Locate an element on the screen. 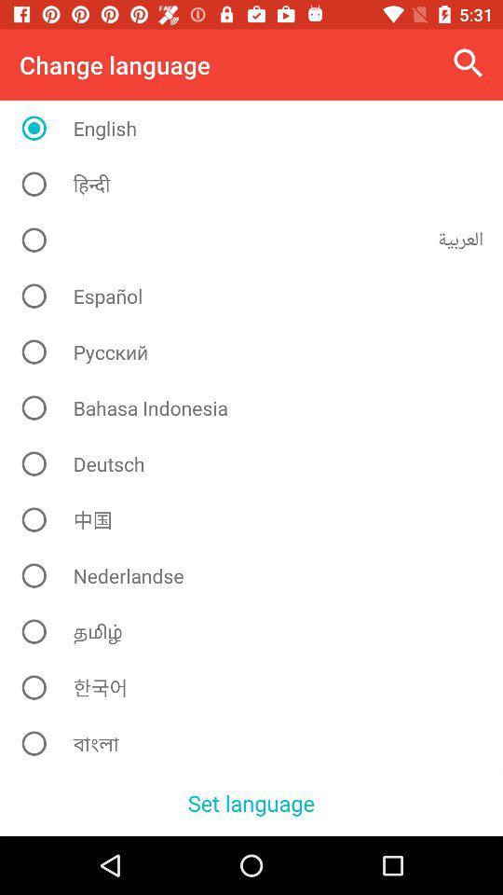  nederlandse icon is located at coordinates (257, 574).